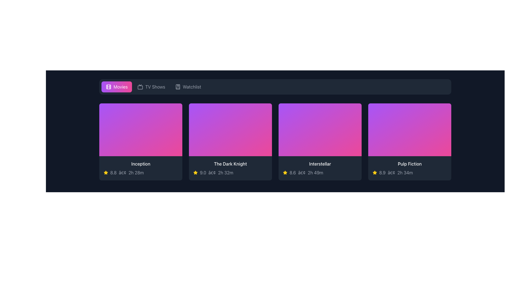 The image size is (528, 297). What do you see at coordinates (188, 87) in the screenshot?
I see `the 'Watchlist' button located within the navigation bar` at bounding box center [188, 87].